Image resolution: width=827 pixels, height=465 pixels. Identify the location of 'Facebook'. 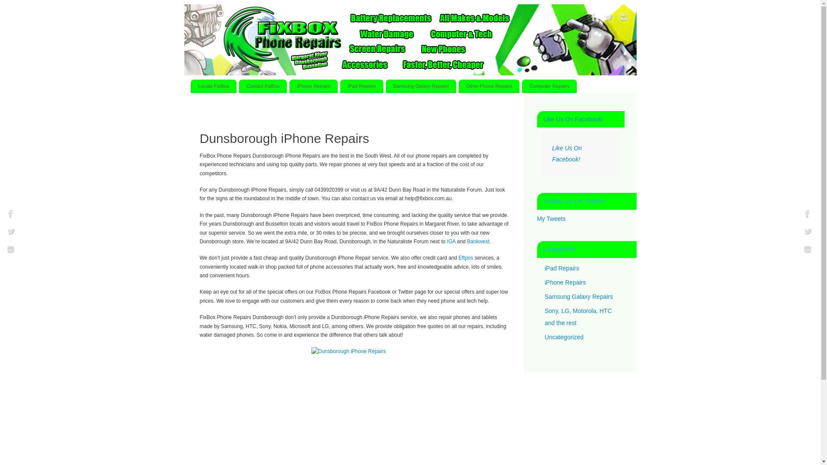
(593, 18).